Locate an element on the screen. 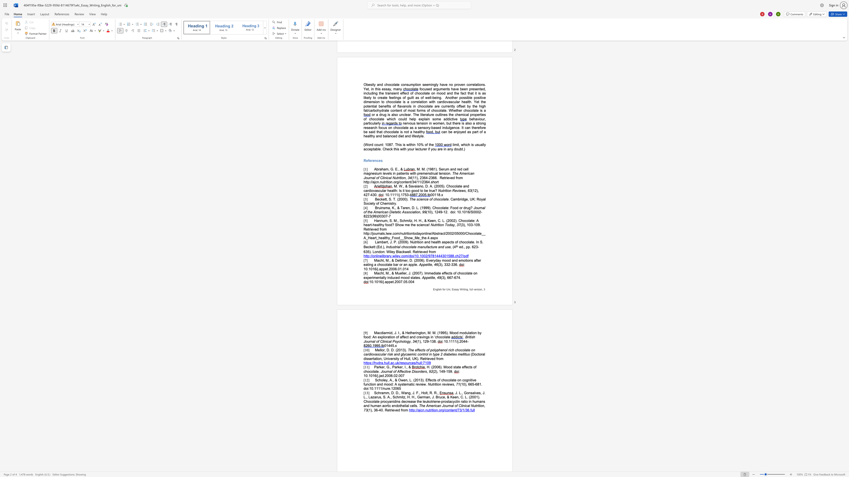 The height and width of the screenshot is (477, 849). the subset text "ers" within the text "English for Uni, Essay Writing, full version," is located at coordinates (475, 289).